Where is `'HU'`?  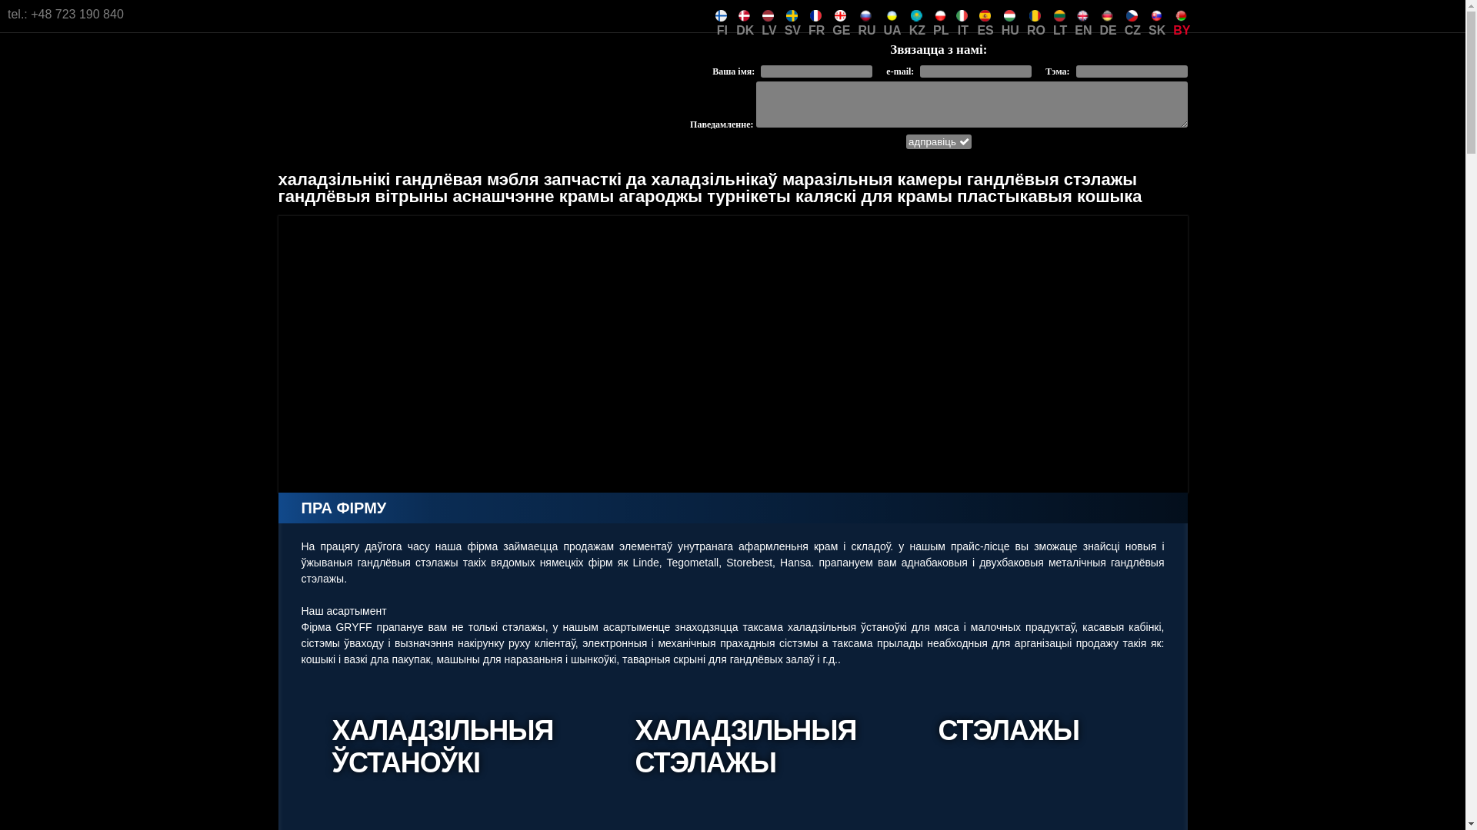 'HU' is located at coordinates (1010, 15).